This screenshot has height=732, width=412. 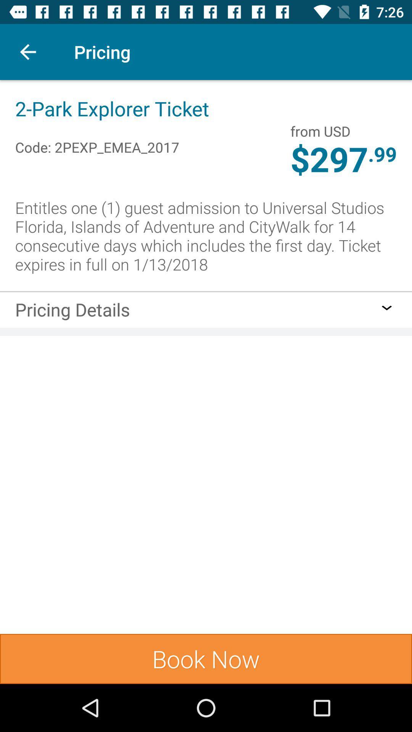 I want to click on the item to the left of the .99 icon, so click(x=329, y=160).